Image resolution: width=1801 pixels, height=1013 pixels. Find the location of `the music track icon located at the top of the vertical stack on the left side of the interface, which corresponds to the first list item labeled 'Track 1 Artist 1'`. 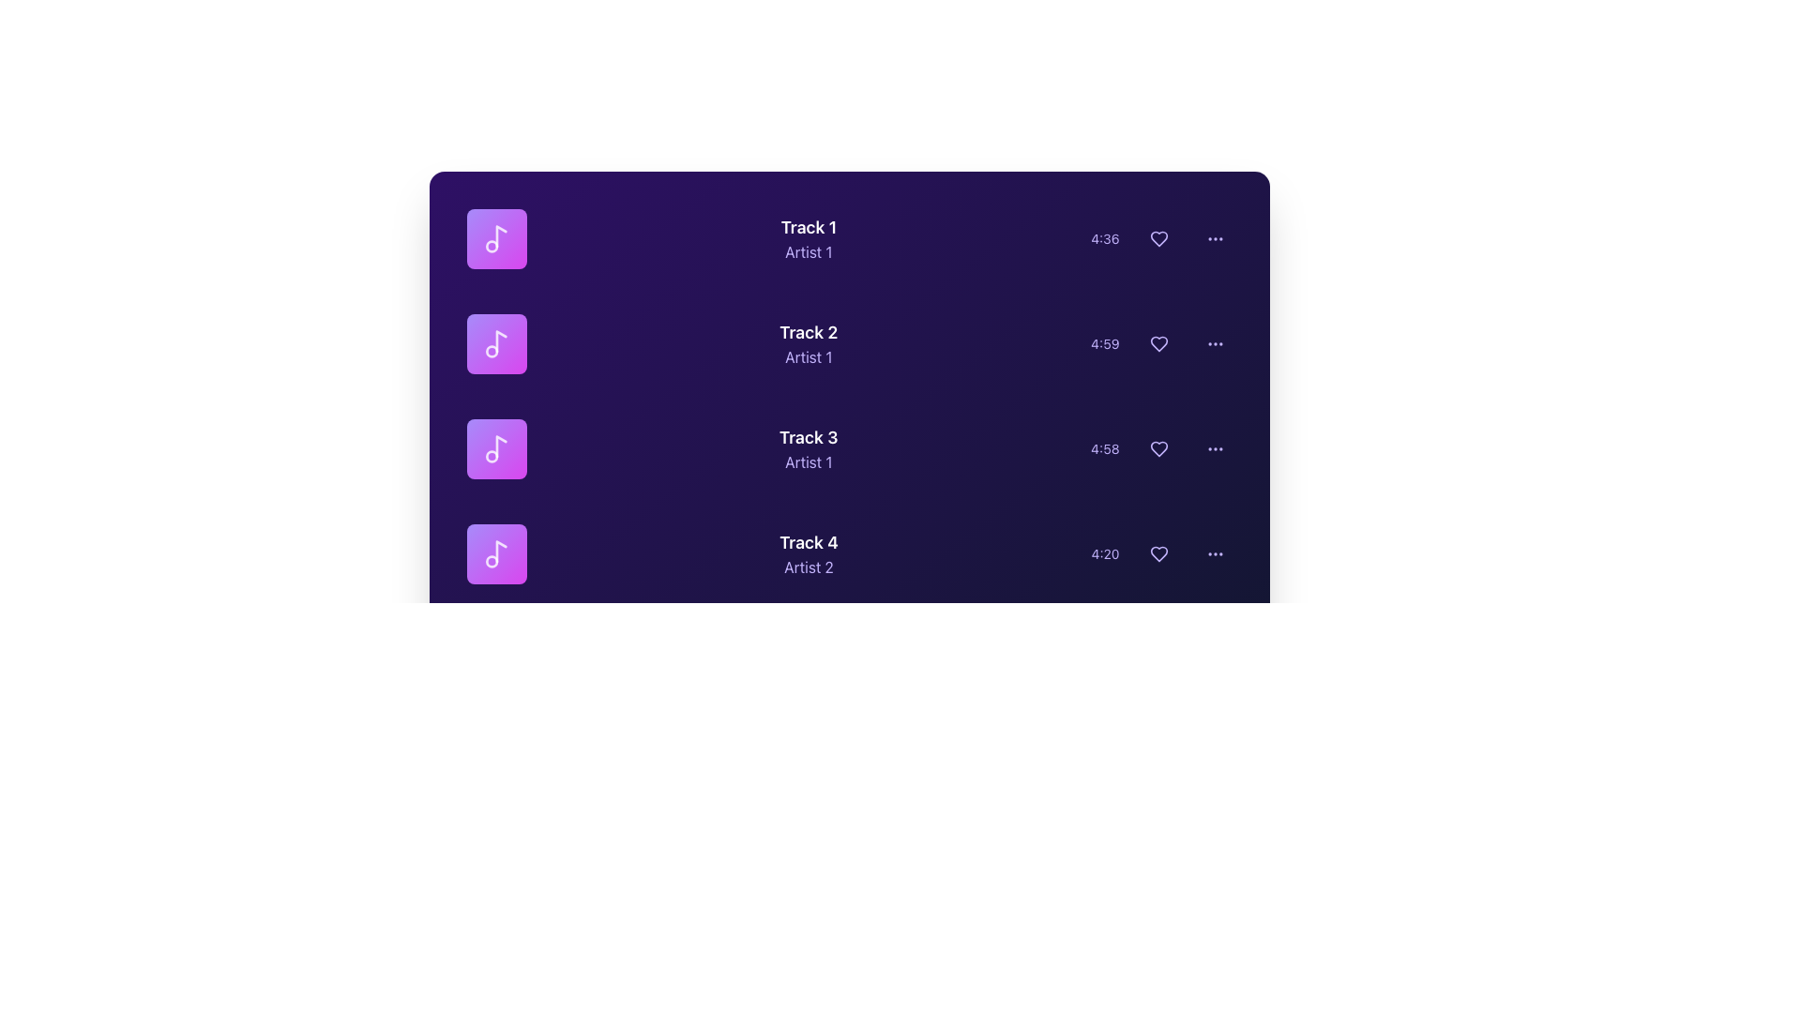

the music track icon located at the top of the vertical stack on the left side of the interface, which corresponds to the first list item labeled 'Track 1 Artist 1' is located at coordinates (496, 237).